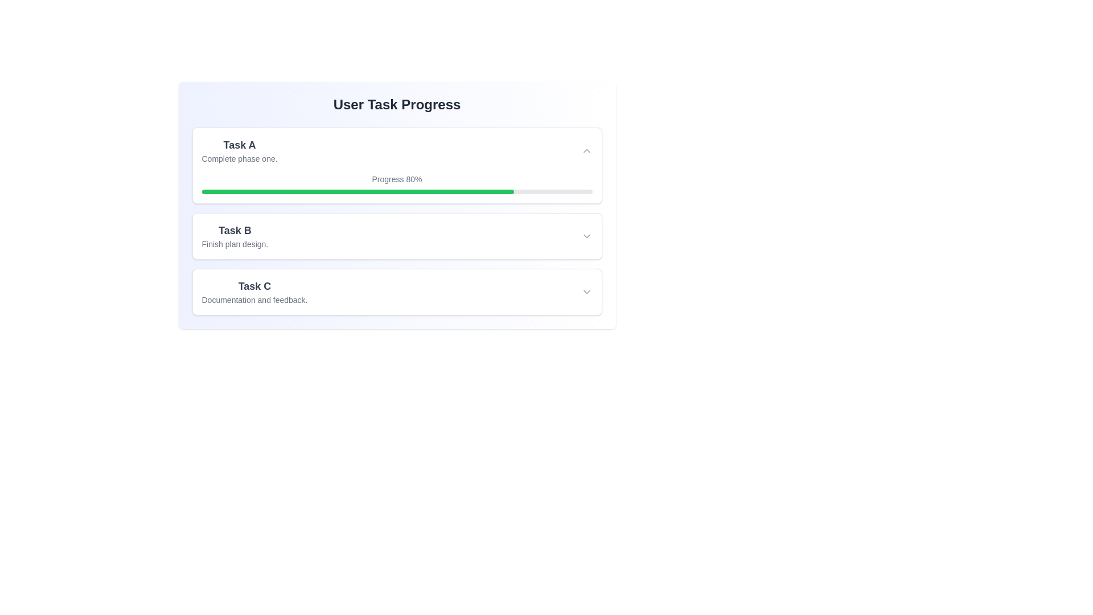 Image resolution: width=1093 pixels, height=615 pixels. I want to click on text of the label displaying the title and description of 'Task C', which is located in the bottommost segment of the vertical list under 'User Task Progress', so click(254, 292).